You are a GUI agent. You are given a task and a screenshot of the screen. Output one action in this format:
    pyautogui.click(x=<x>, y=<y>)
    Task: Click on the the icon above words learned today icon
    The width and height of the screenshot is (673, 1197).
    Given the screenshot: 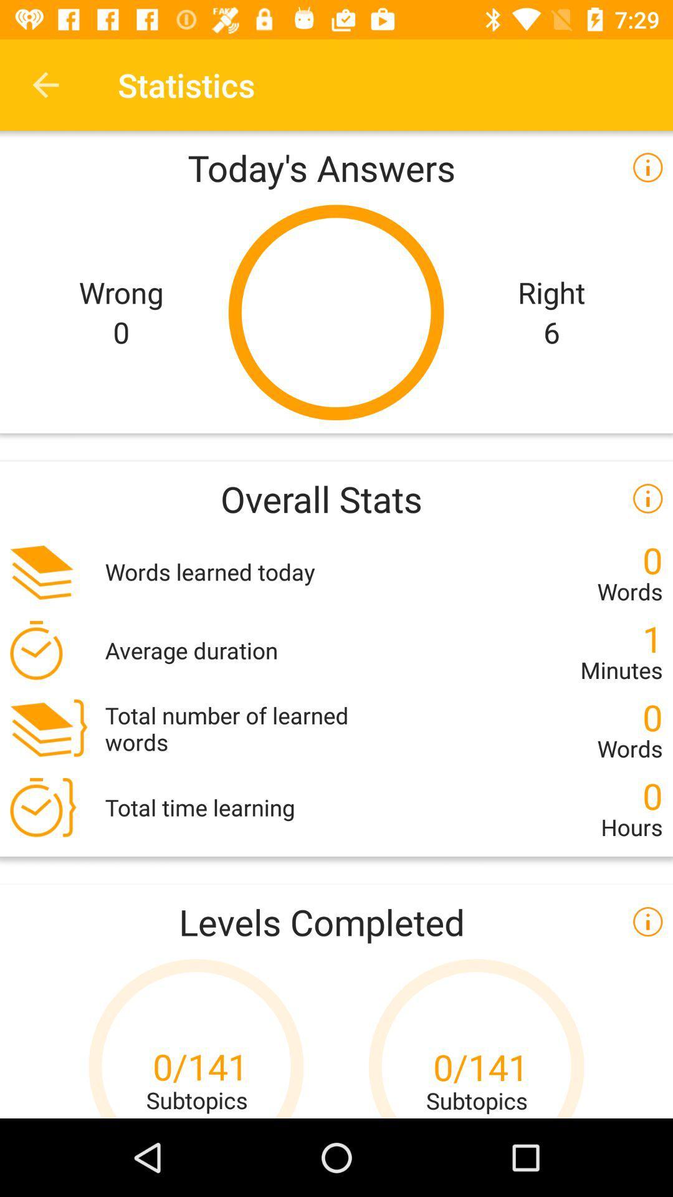 What is the action you would take?
    pyautogui.click(x=336, y=498)
    